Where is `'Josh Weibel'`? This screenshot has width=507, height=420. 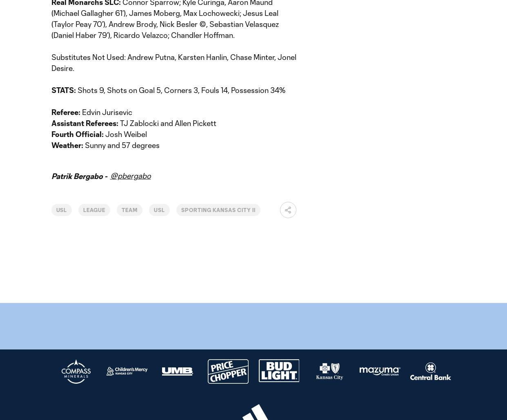
'Josh Weibel' is located at coordinates (125, 133).